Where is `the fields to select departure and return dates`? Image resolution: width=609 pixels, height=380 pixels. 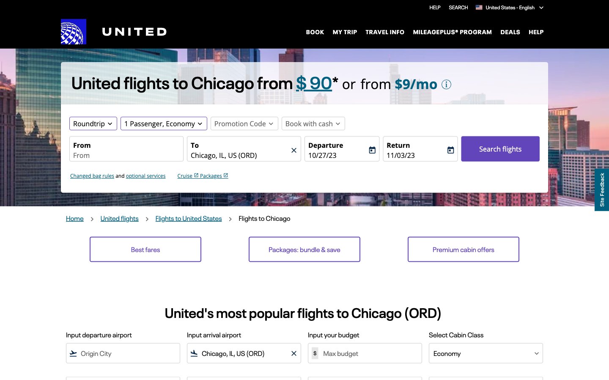 the fields to select departure and return dates is located at coordinates (337, 155).